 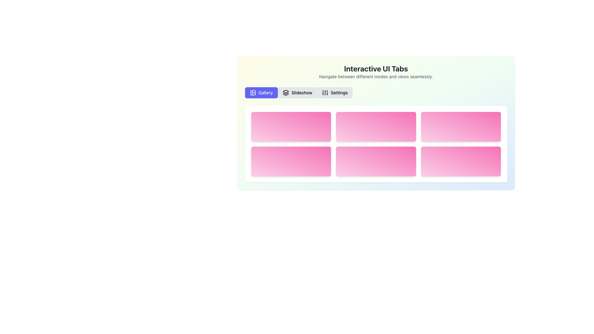 I want to click on the vertical sliders icon within the 'Settings' button located in the top navigation bar, so click(x=325, y=93).